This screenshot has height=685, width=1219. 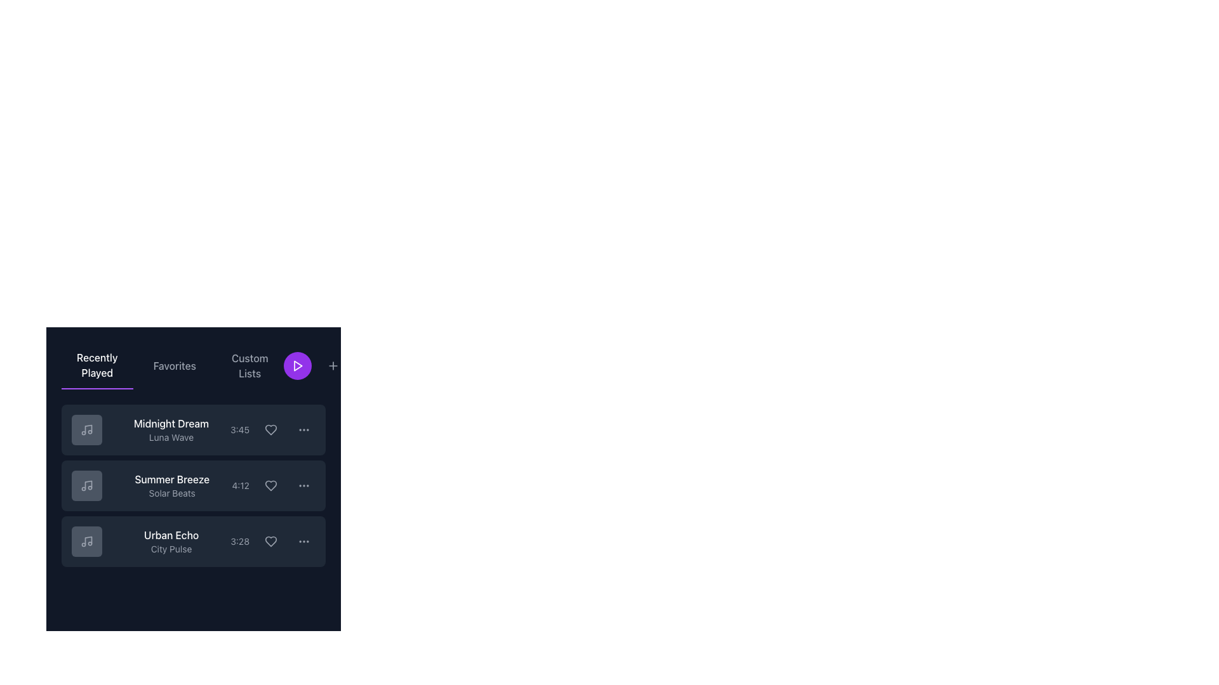 What do you see at coordinates (272, 429) in the screenshot?
I see `the heart icon button located in the second list item of the 'Recently Played' section` at bounding box center [272, 429].